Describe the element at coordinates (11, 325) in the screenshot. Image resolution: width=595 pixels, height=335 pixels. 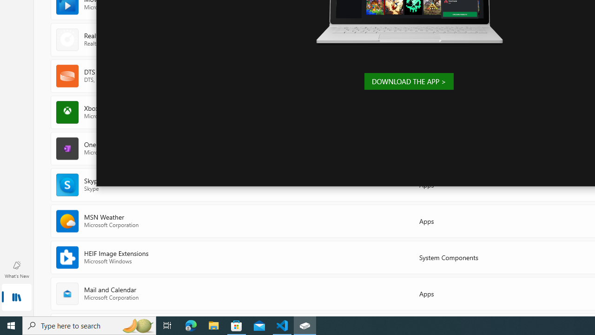
I see `'Start'` at that location.